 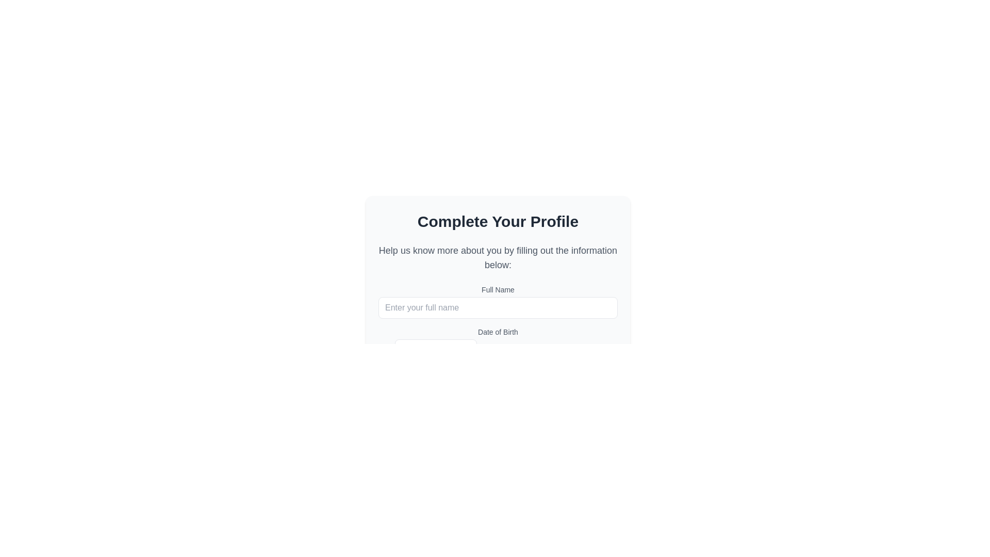 I want to click on the descriptive label for the text input field indicating the expected input (user's full name), which is positioned directly above the corresponding text input box, so click(x=498, y=290).